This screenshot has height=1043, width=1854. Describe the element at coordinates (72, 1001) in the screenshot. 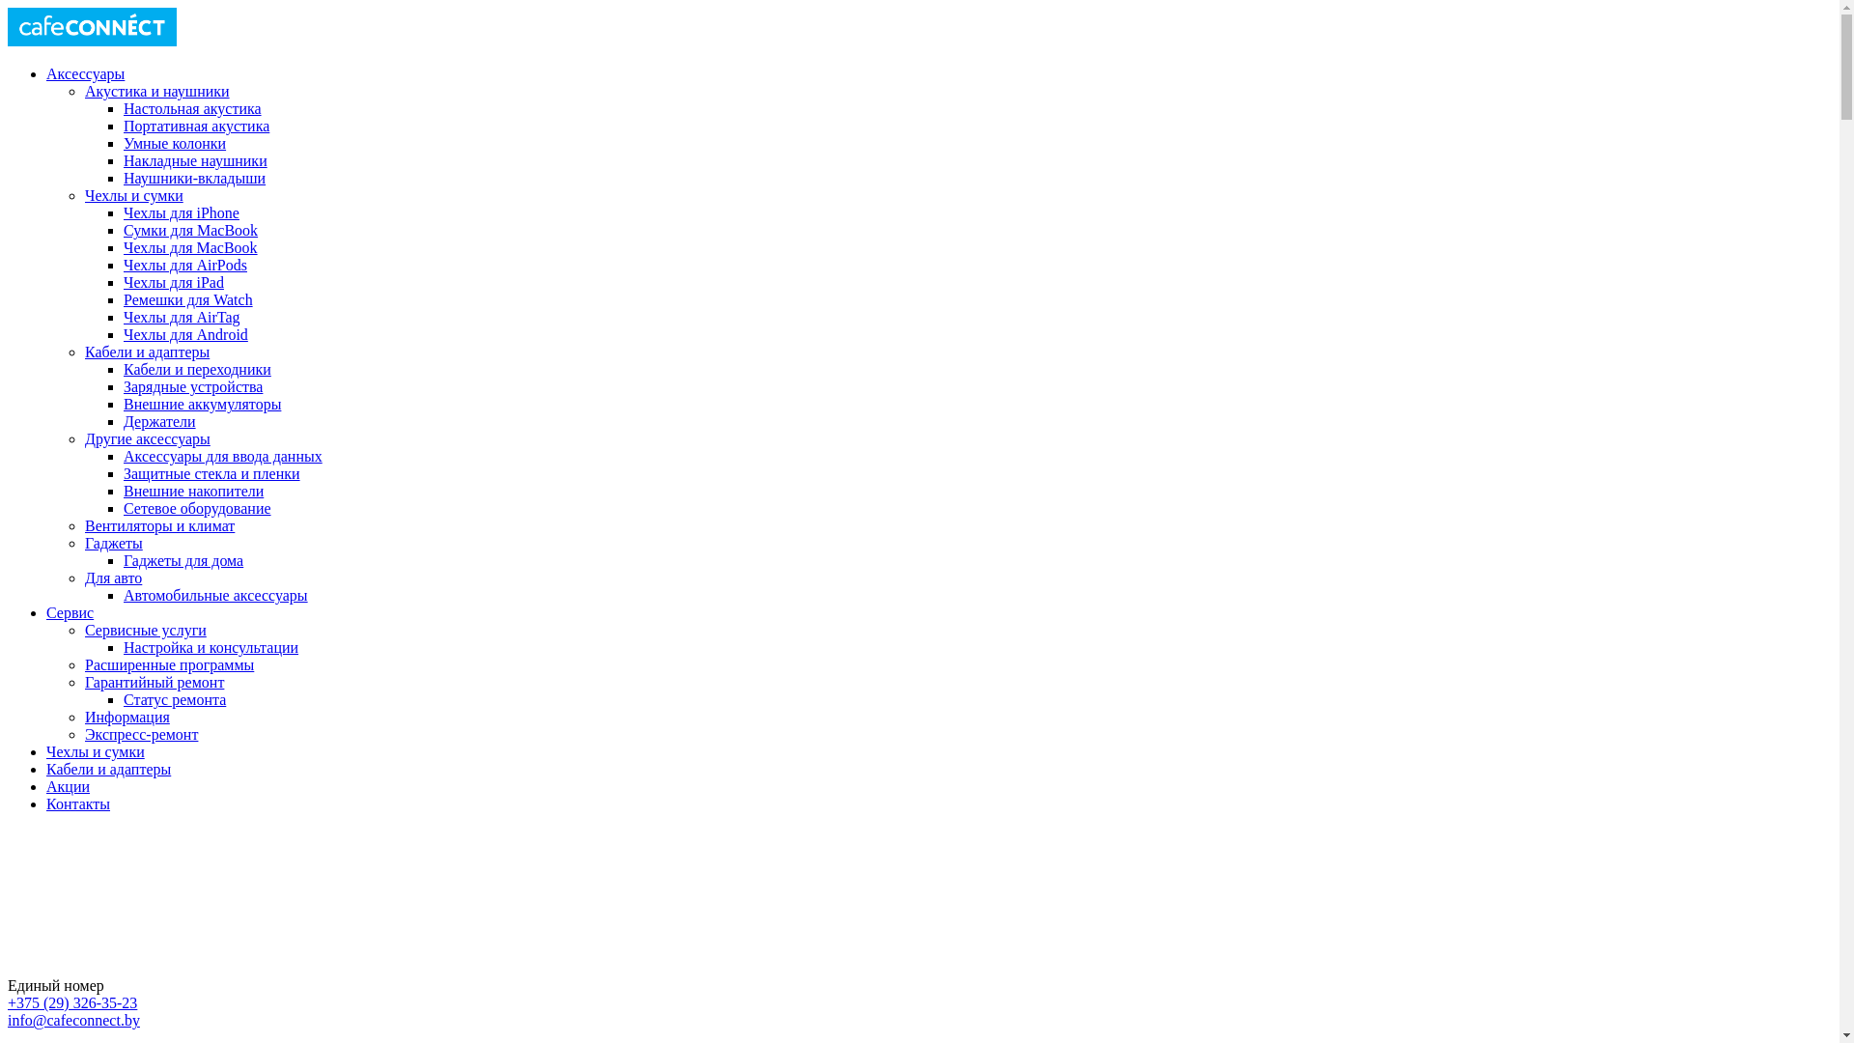

I see `'+375 (29) 326-35-23'` at that location.